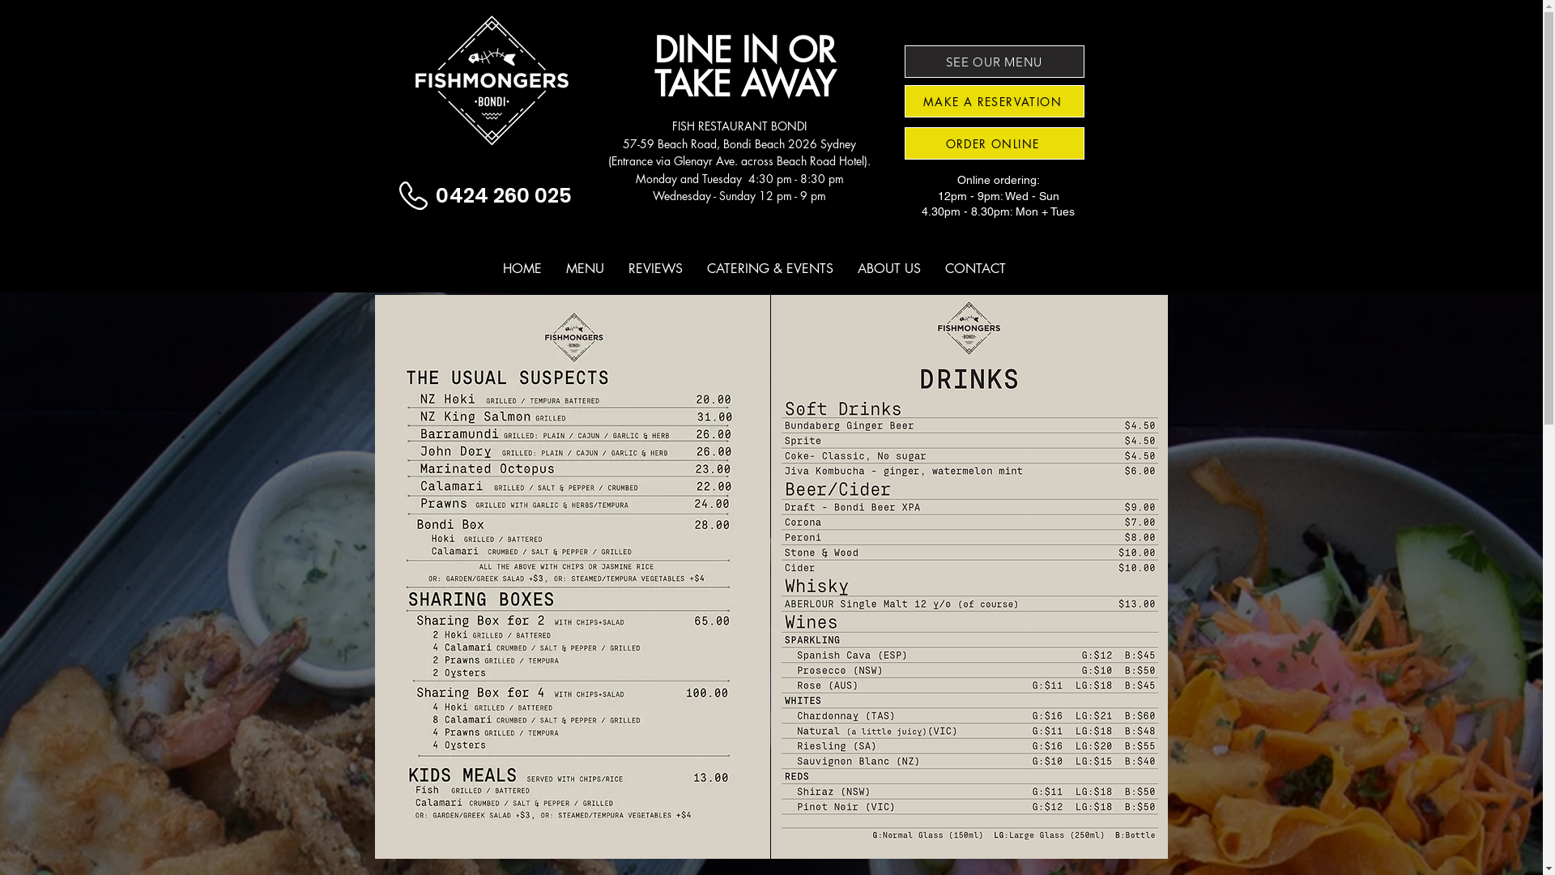  I want to click on 'CONTACT', so click(974, 267).